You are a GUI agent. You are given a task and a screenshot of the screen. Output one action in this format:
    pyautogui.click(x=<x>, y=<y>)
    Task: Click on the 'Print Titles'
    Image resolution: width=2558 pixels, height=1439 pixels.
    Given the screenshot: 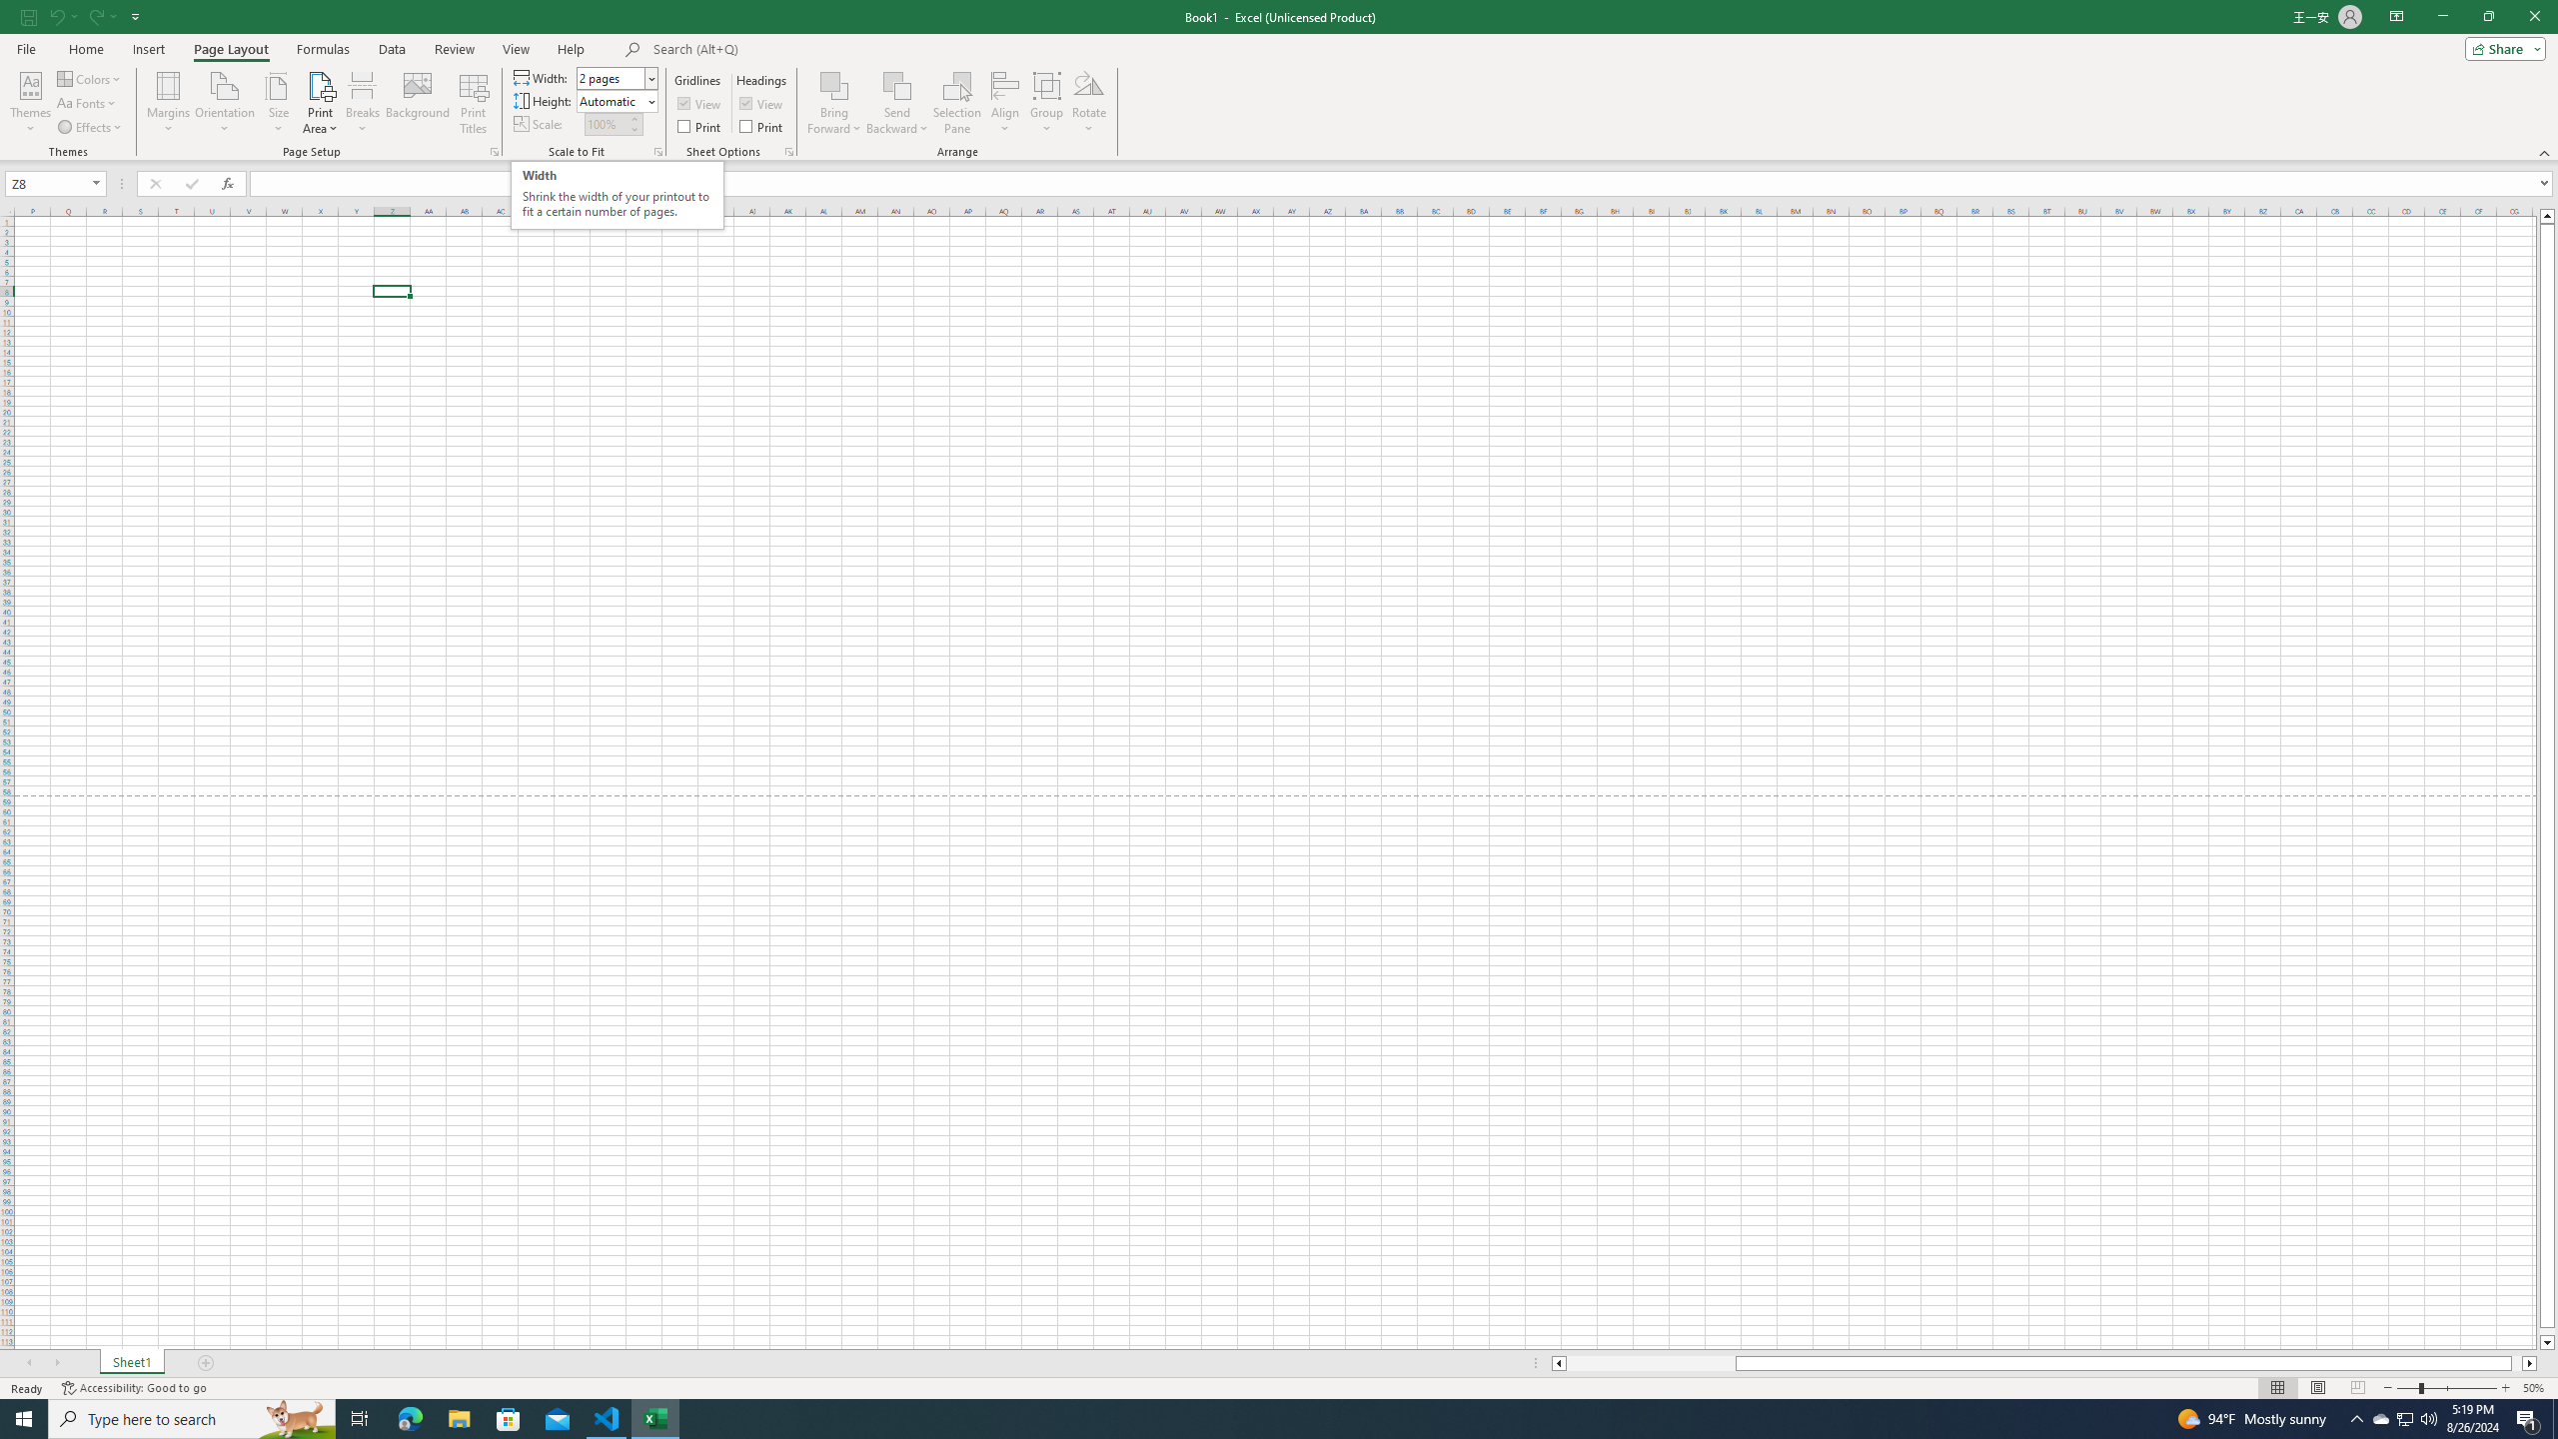 What is the action you would take?
    pyautogui.click(x=472, y=103)
    